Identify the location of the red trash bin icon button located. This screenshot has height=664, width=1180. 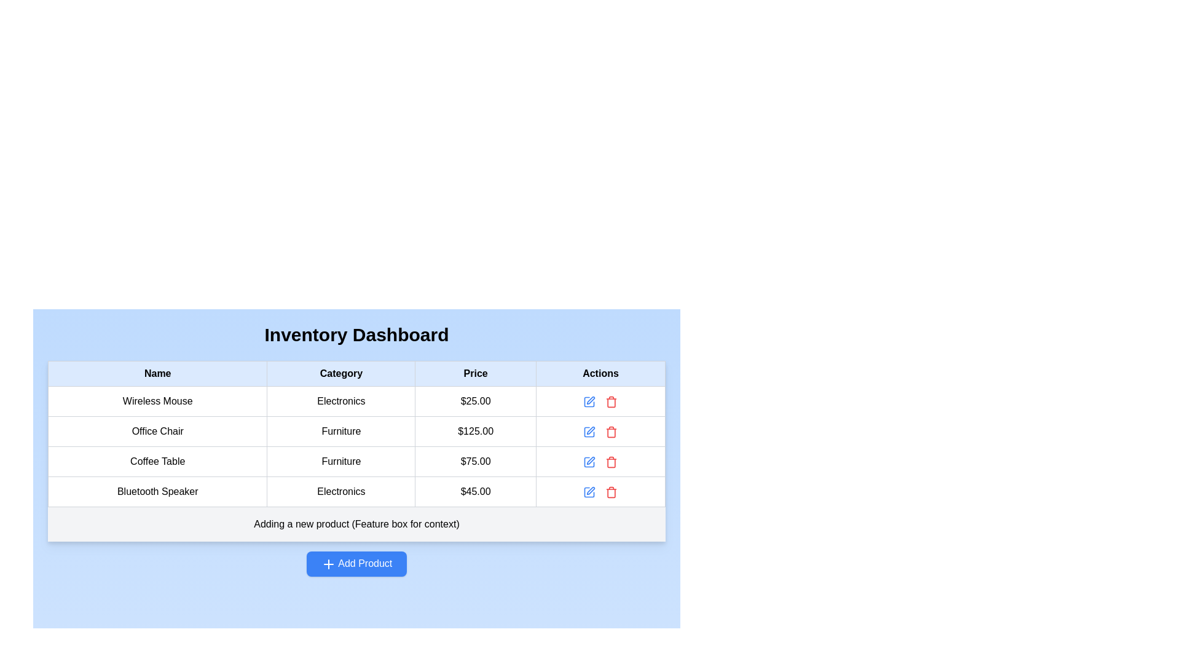
(612, 401).